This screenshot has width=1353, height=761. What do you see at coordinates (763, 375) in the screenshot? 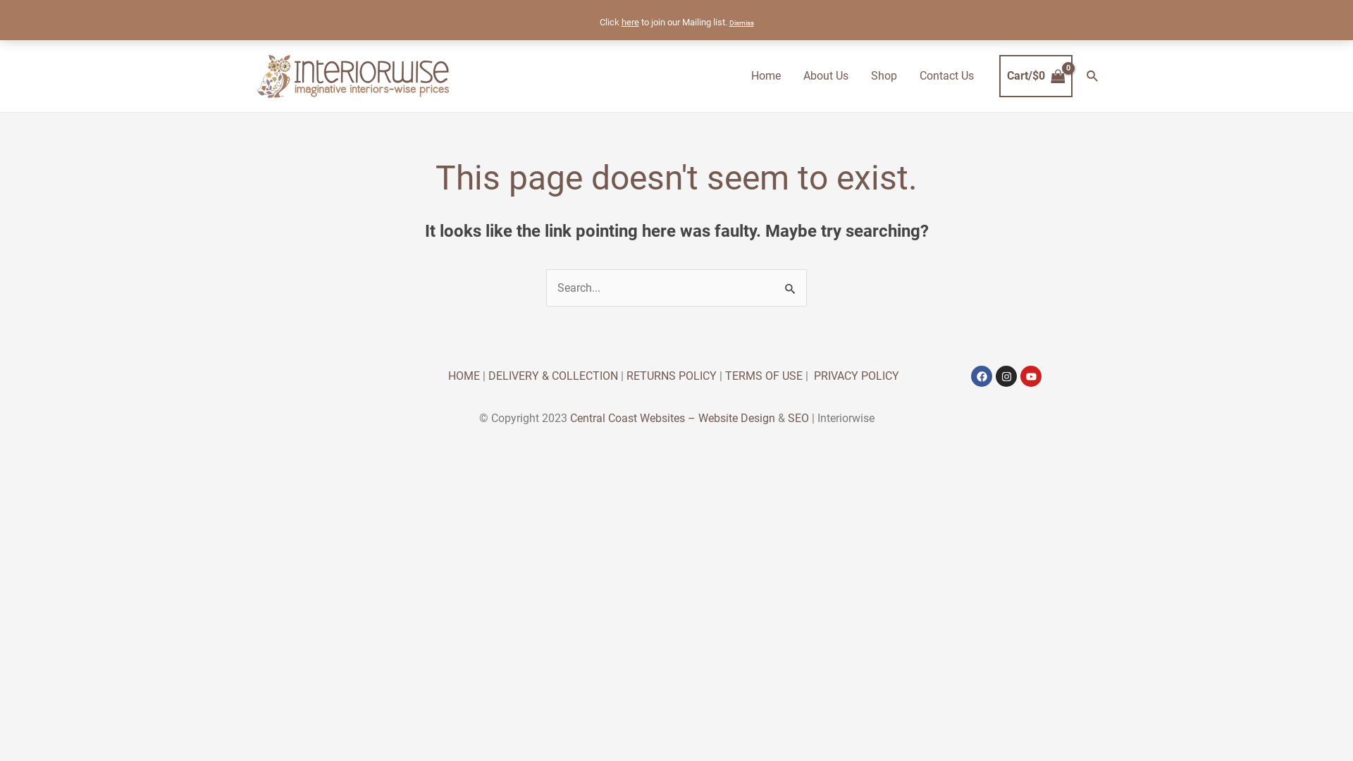
I see `'TERMS OF USE'` at bounding box center [763, 375].